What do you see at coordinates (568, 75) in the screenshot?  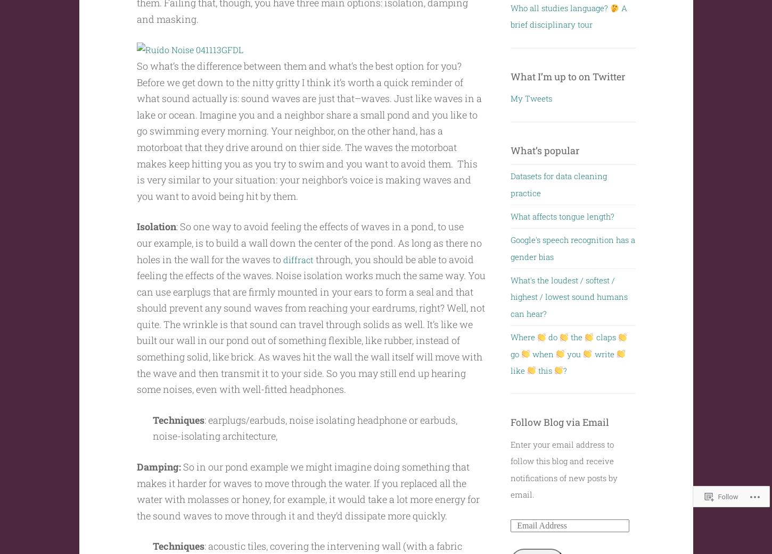 I see `'What I’m up to on Twitter'` at bounding box center [568, 75].